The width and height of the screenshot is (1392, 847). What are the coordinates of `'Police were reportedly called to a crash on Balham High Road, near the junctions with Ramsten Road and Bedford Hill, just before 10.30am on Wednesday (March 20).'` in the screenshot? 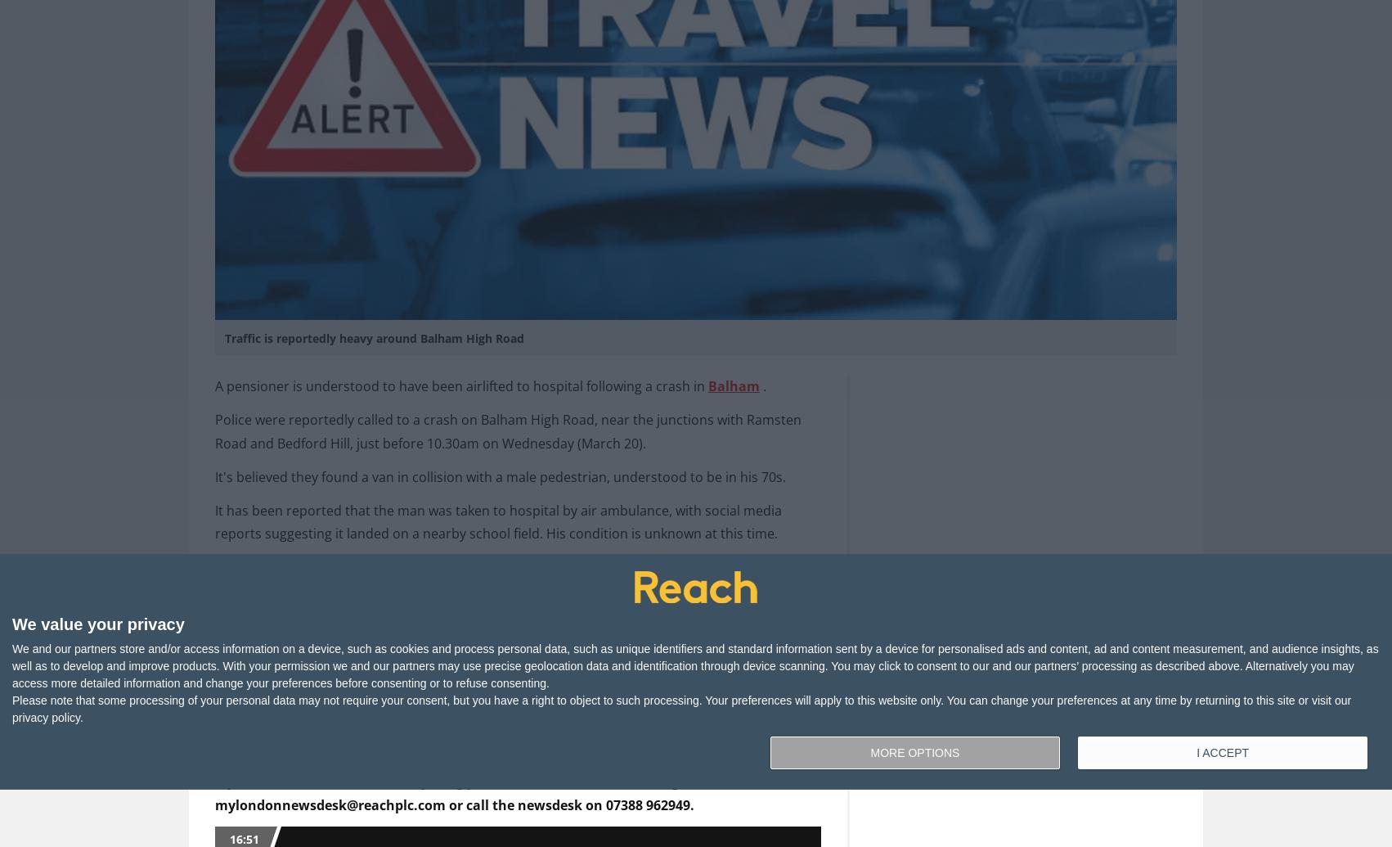 It's located at (508, 430).